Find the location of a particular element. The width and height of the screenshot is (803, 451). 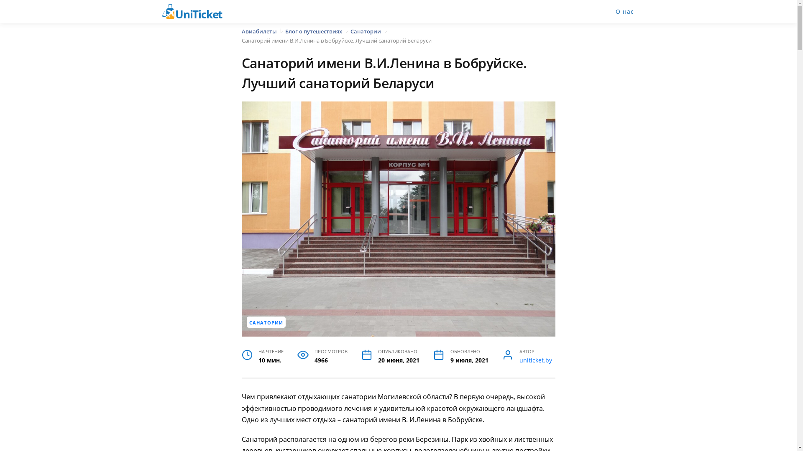

'uniticket.by' is located at coordinates (536, 360).